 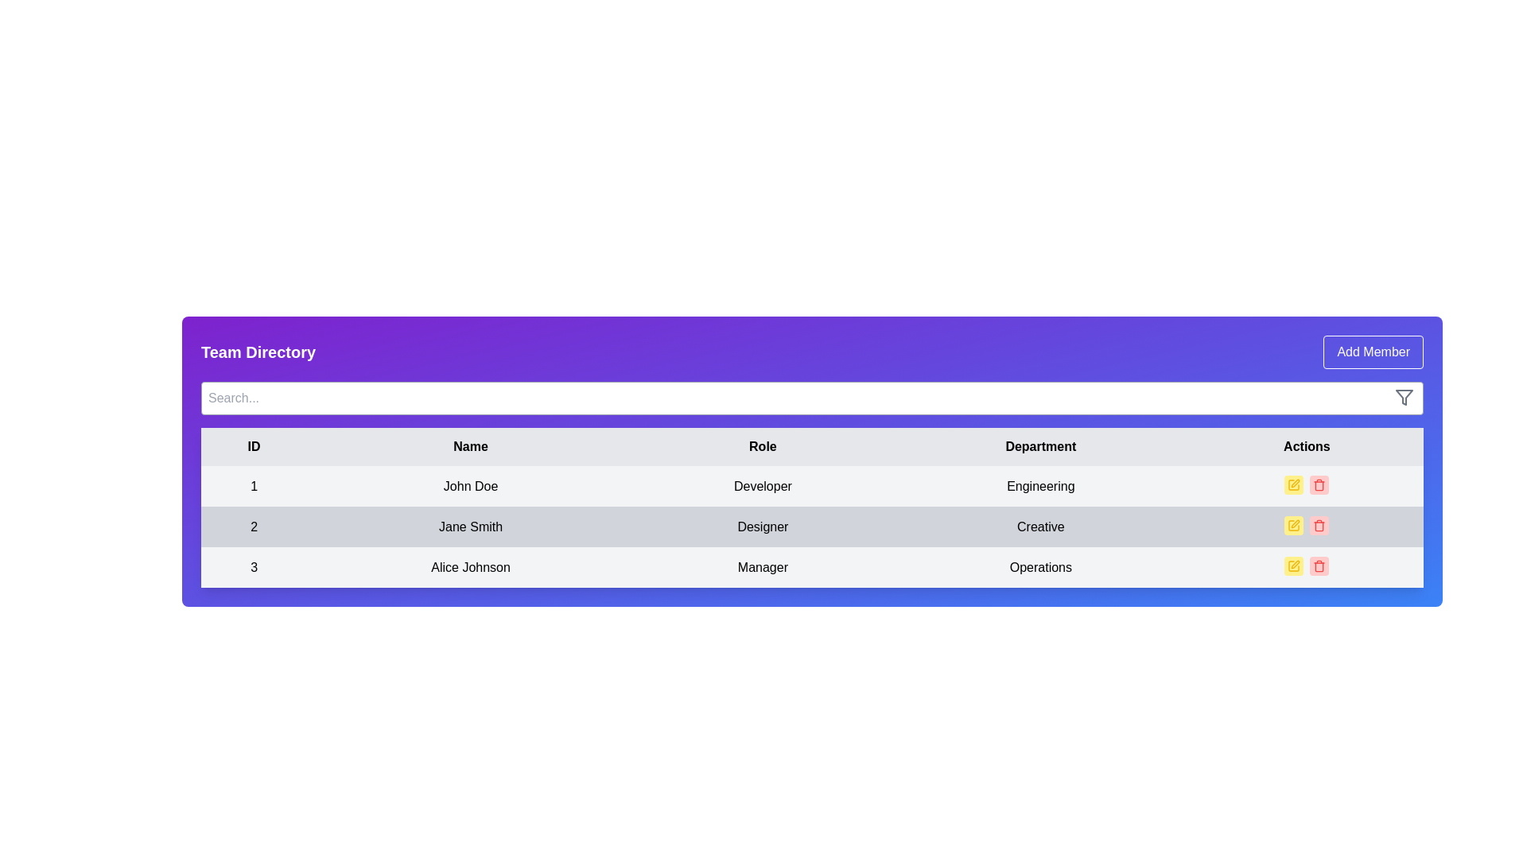 What do you see at coordinates (762, 566) in the screenshot?
I see `static text label displaying 'Manager' located in the third row of the table under the 'Role' column` at bounding box center [762, 566].